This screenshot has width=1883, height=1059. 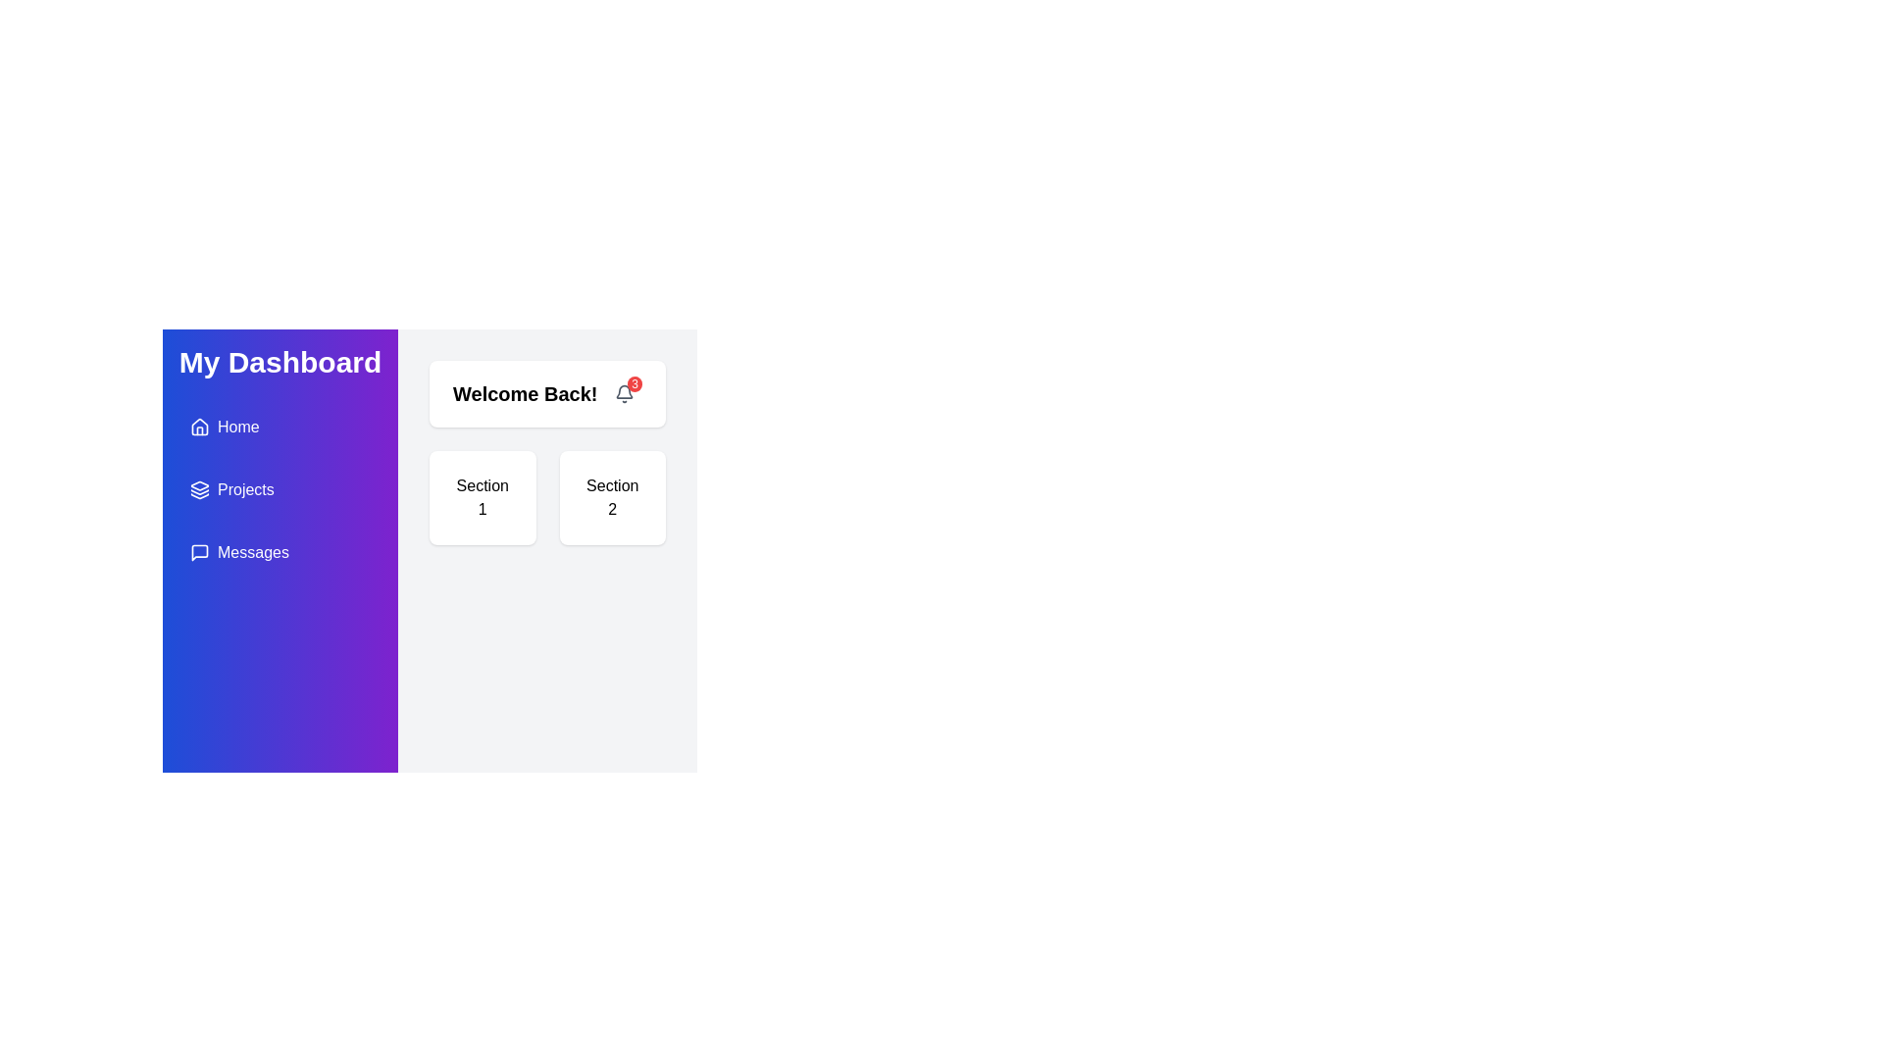 What do you see at coordinates (199, 552) in the screenshot?
I see `the speech bubble icon located to the left of the 'Messages' text in the vertical navigation panel` at bounding box center [199, 552].